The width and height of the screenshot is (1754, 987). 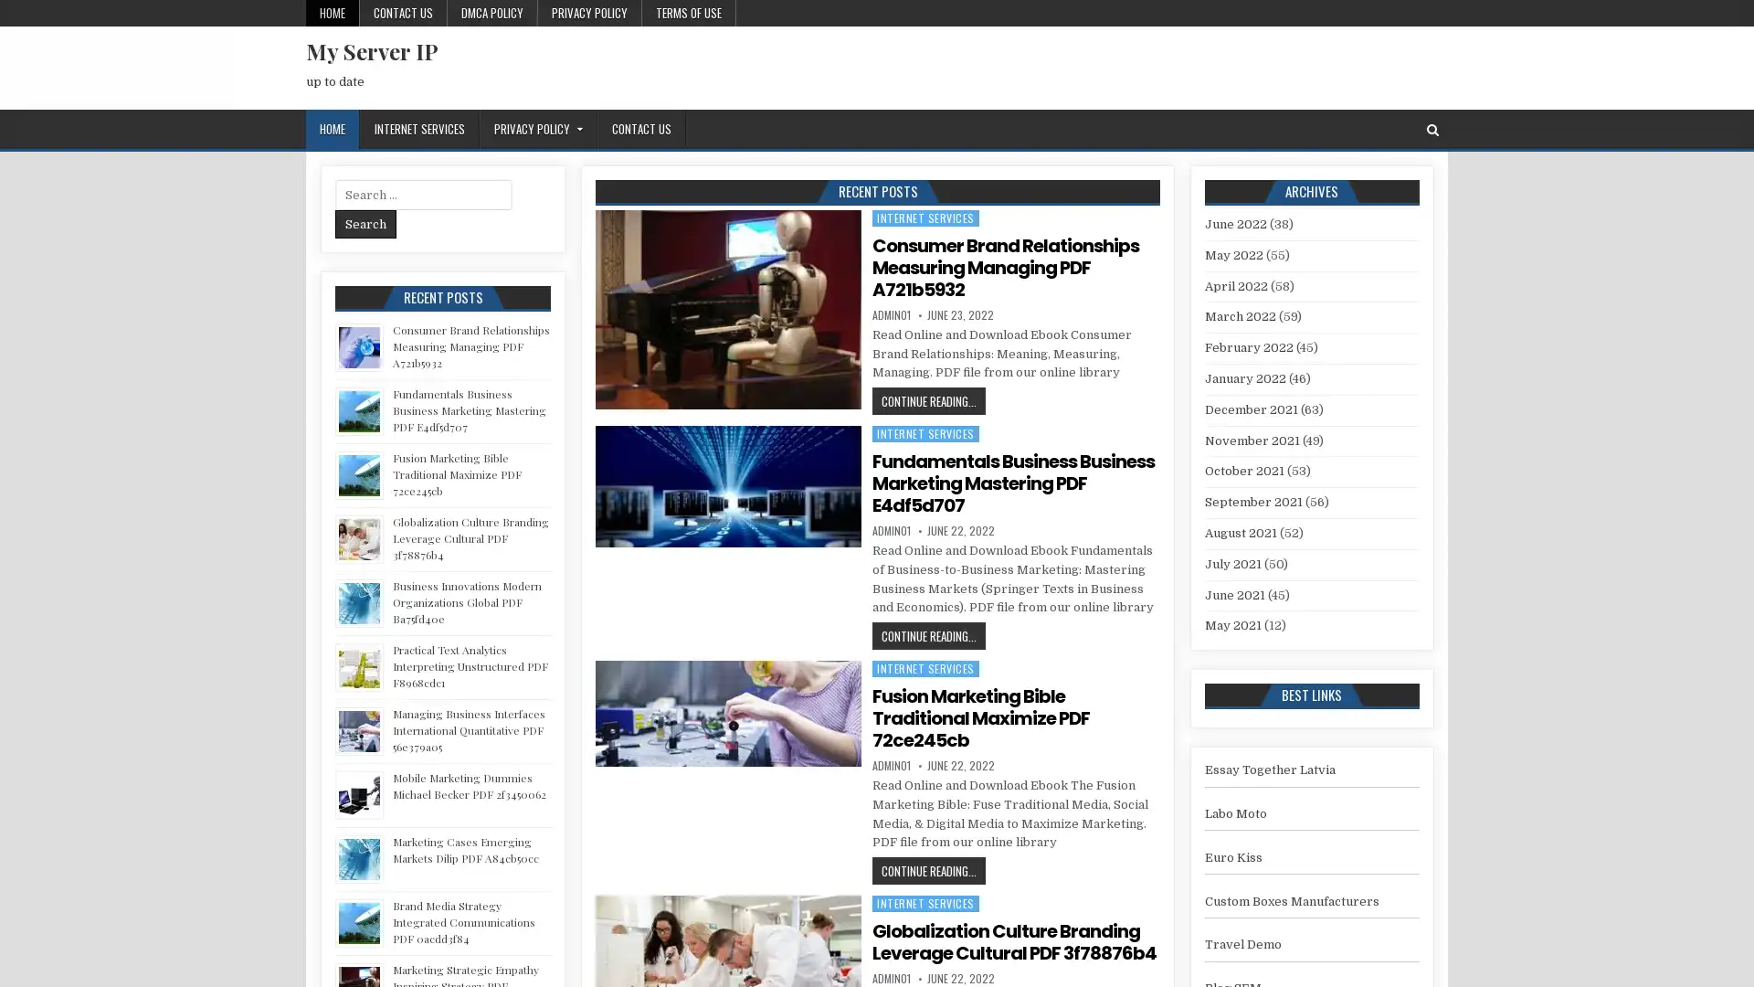 What do you see at coordinates (365, 223) in the screenshot?
I see `Search` at bounding box center [365, 223].